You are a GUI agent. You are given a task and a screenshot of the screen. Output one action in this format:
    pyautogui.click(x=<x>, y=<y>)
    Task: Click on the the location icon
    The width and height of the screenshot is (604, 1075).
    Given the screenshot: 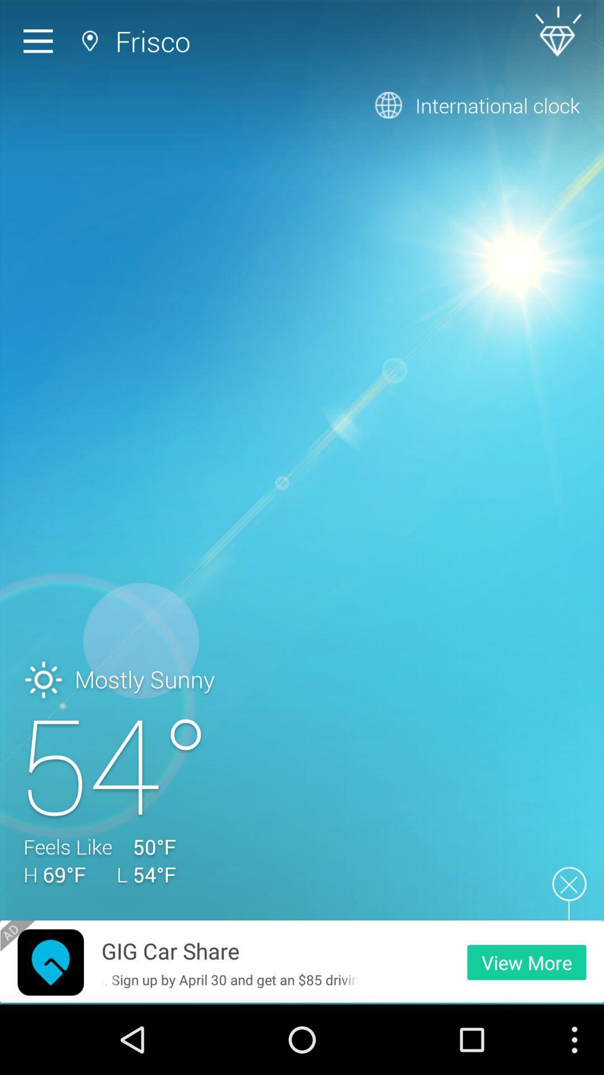 What is the action you would take?
    pyautogui.click(x=50, y=1030)
    